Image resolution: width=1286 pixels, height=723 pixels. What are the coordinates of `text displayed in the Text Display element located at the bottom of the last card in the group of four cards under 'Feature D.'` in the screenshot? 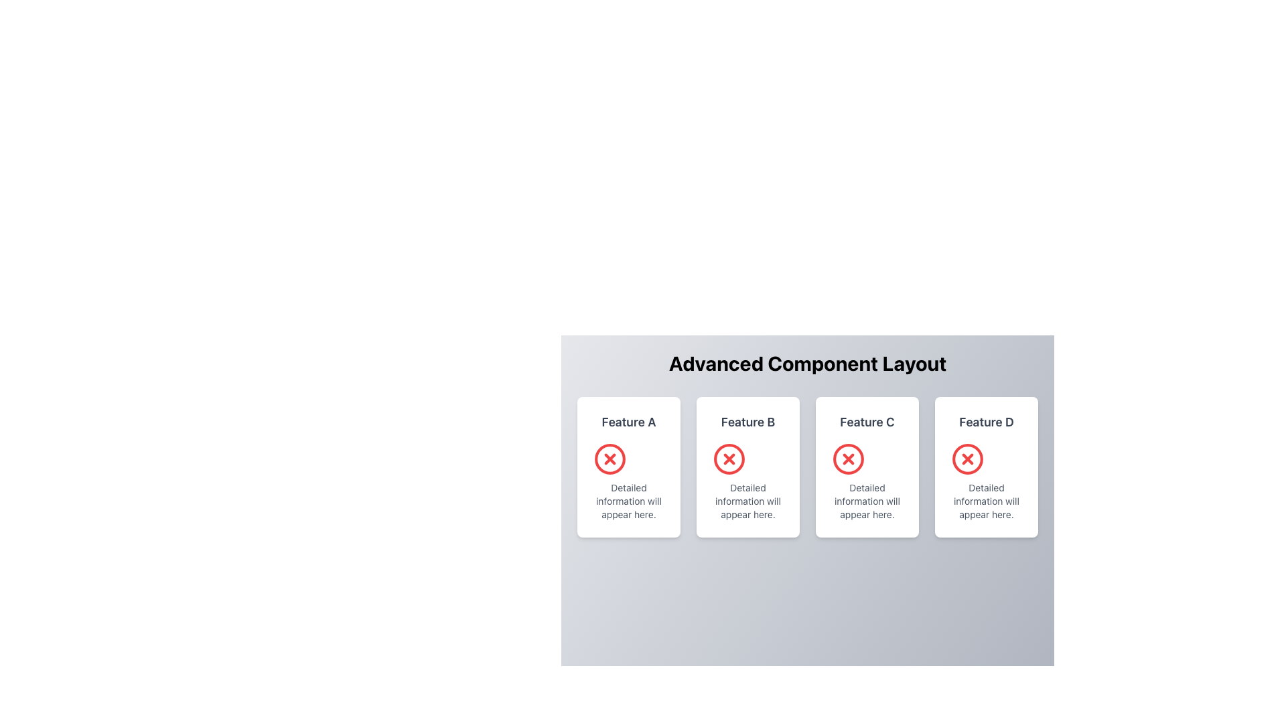 It's located at (987, 501).